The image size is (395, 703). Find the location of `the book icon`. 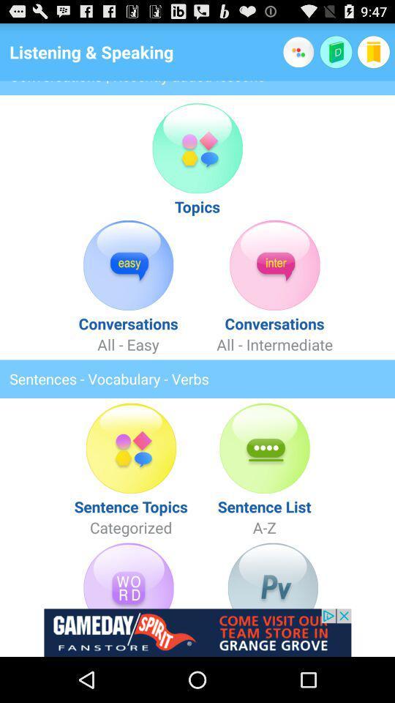

the book icon is located at coordinates (336, 55).